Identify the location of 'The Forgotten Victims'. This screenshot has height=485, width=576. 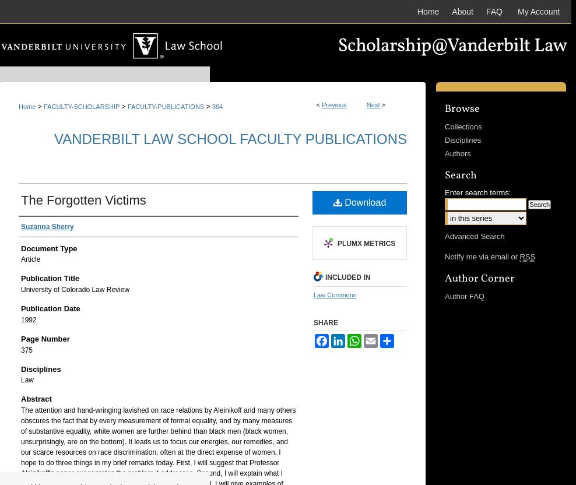
(20, 199).